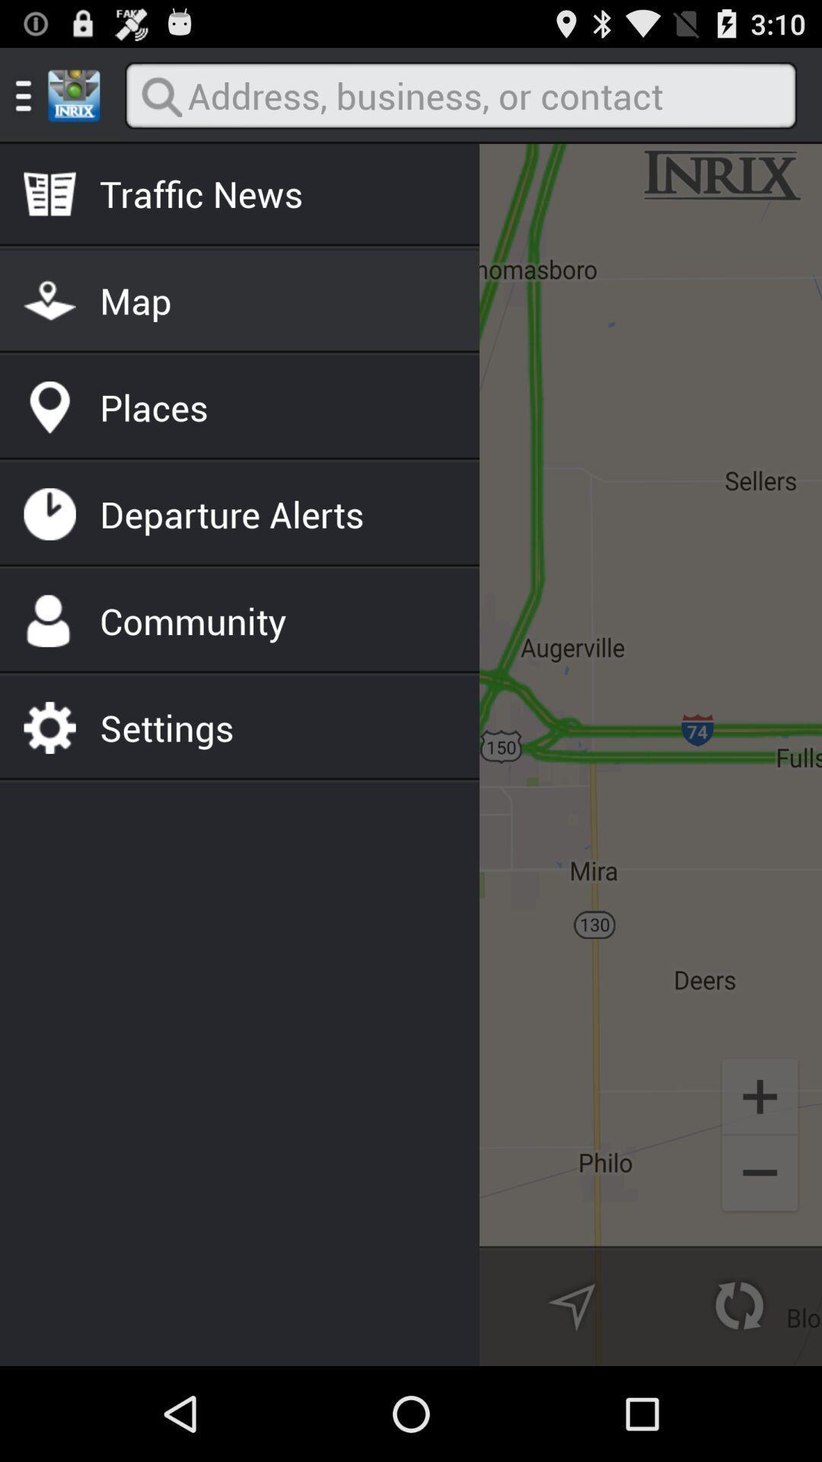  What do you see at coordinates (192, 621) in the screenshot?
I see `the community` at bounding box center [192, 621].